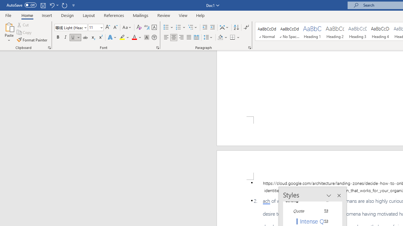 The width and height of the screenshot is (403, 226). I want to click on 'Subscript', so click(93, 37).